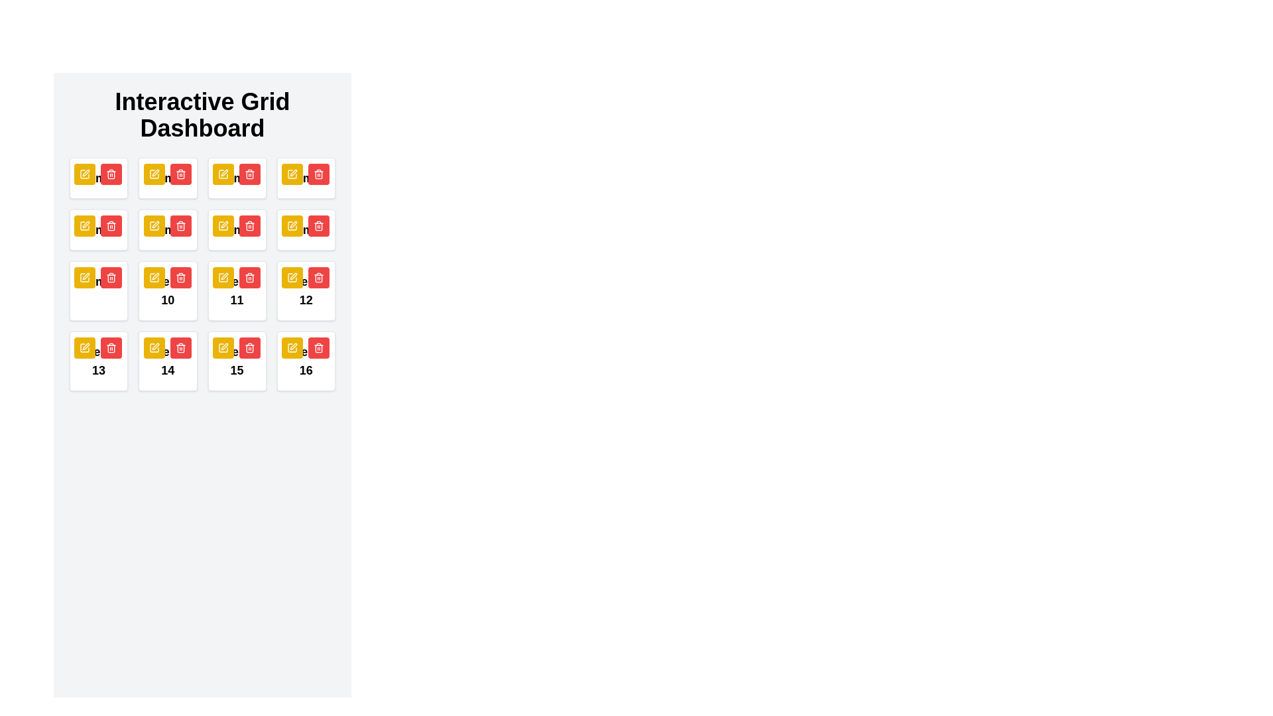  I want to click on the icon button that resembles a pen or pencil within a yellow rectangular button, located in the third row and first column of the grid layout, so click(224, 224).